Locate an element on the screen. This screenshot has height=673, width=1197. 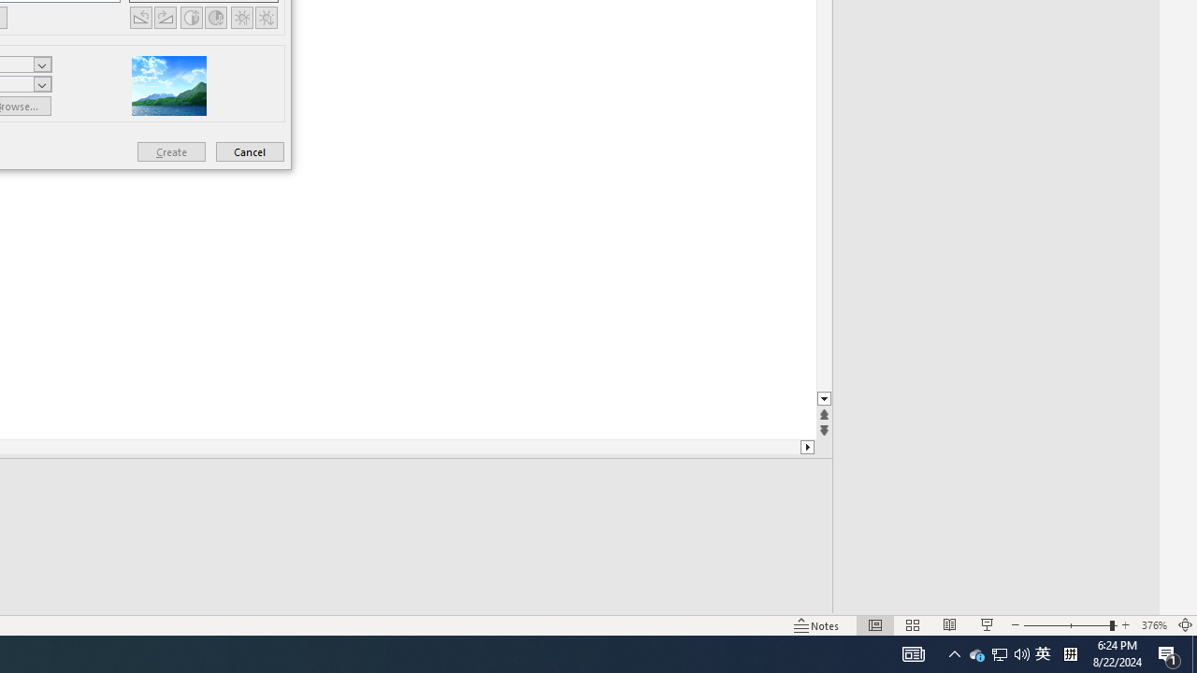
'Zoom 376%' is located at coordinates (1153, 625).